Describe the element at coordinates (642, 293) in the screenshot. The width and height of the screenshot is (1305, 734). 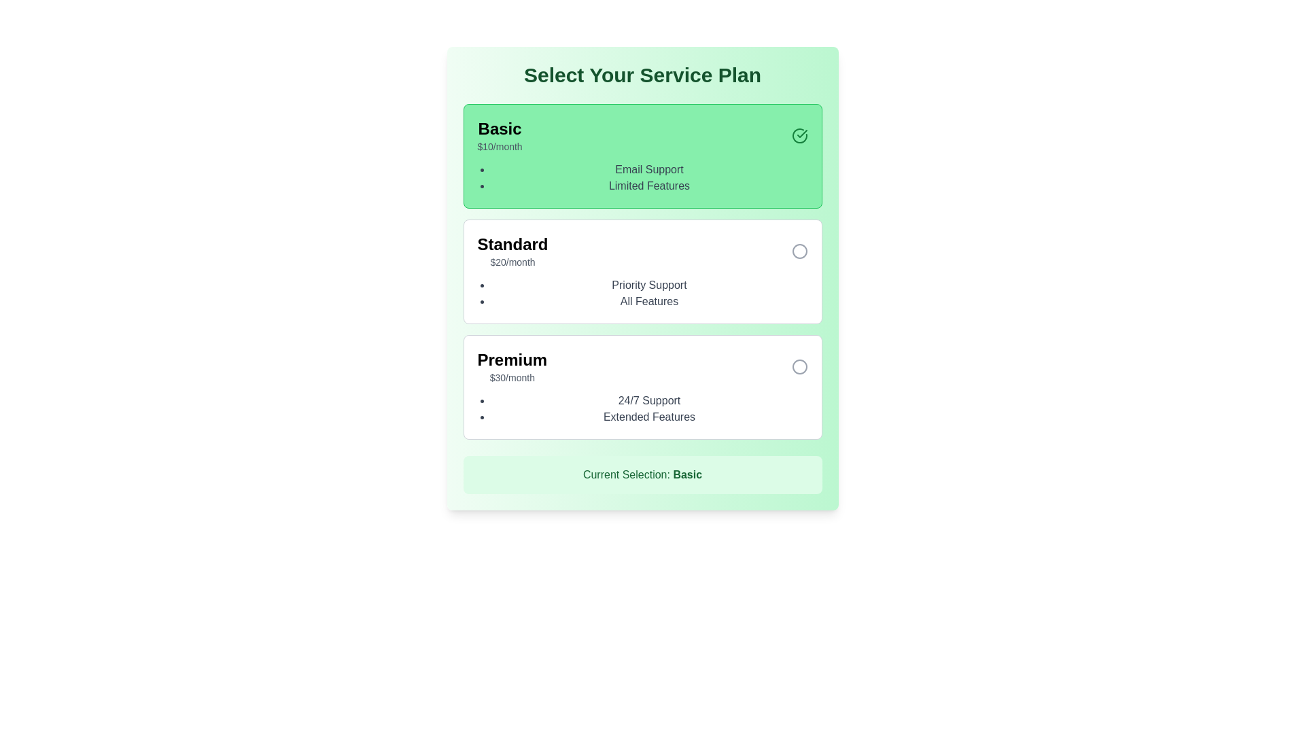
I see `the bullet list containing the text items 'Priority Support' and 'All Features', located in the 'Standard' section just below the price '$20/month'` at that location.